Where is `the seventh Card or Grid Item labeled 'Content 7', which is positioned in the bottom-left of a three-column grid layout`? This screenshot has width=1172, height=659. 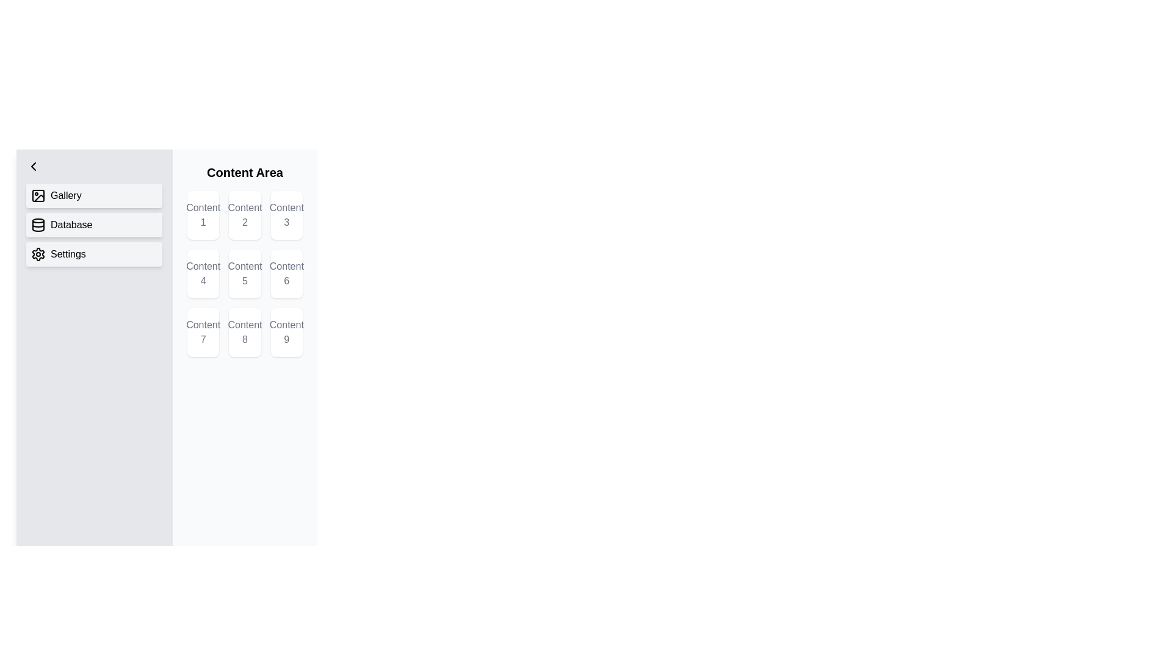 the seventh Card or Grid Item labeled 'Content 7', which is positioned in the bottom-left of a three-column grid layout is located at coordinates (203, 332).